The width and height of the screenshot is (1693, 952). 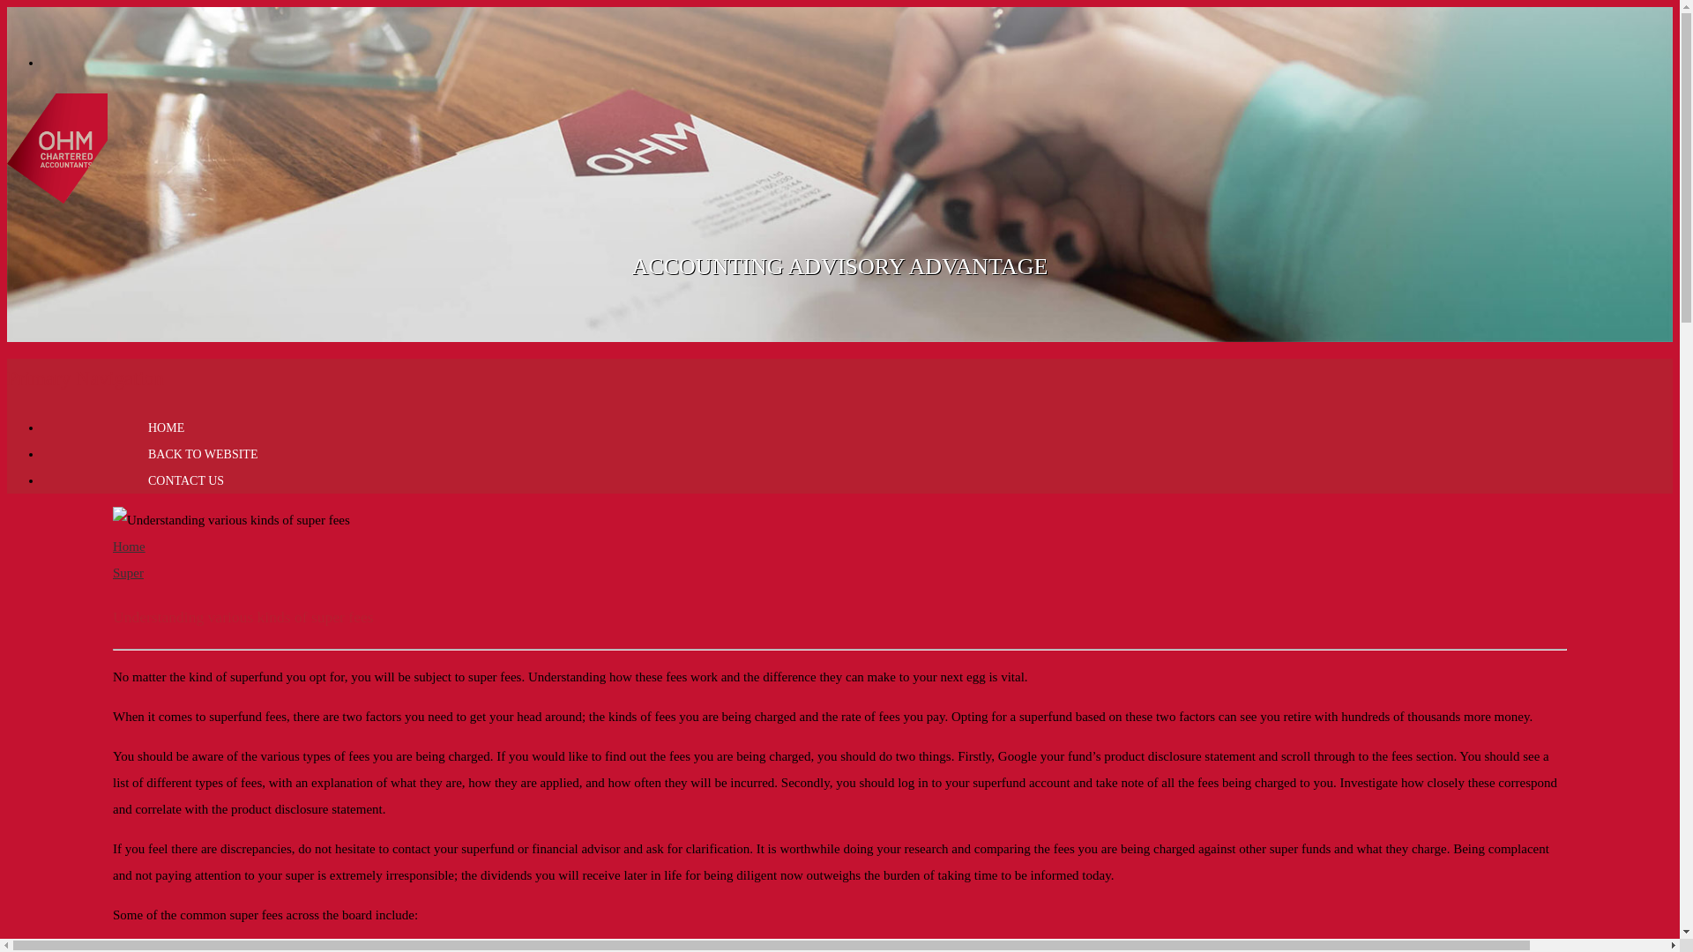 I want to click on 'Super', so click(x=127, y=573).